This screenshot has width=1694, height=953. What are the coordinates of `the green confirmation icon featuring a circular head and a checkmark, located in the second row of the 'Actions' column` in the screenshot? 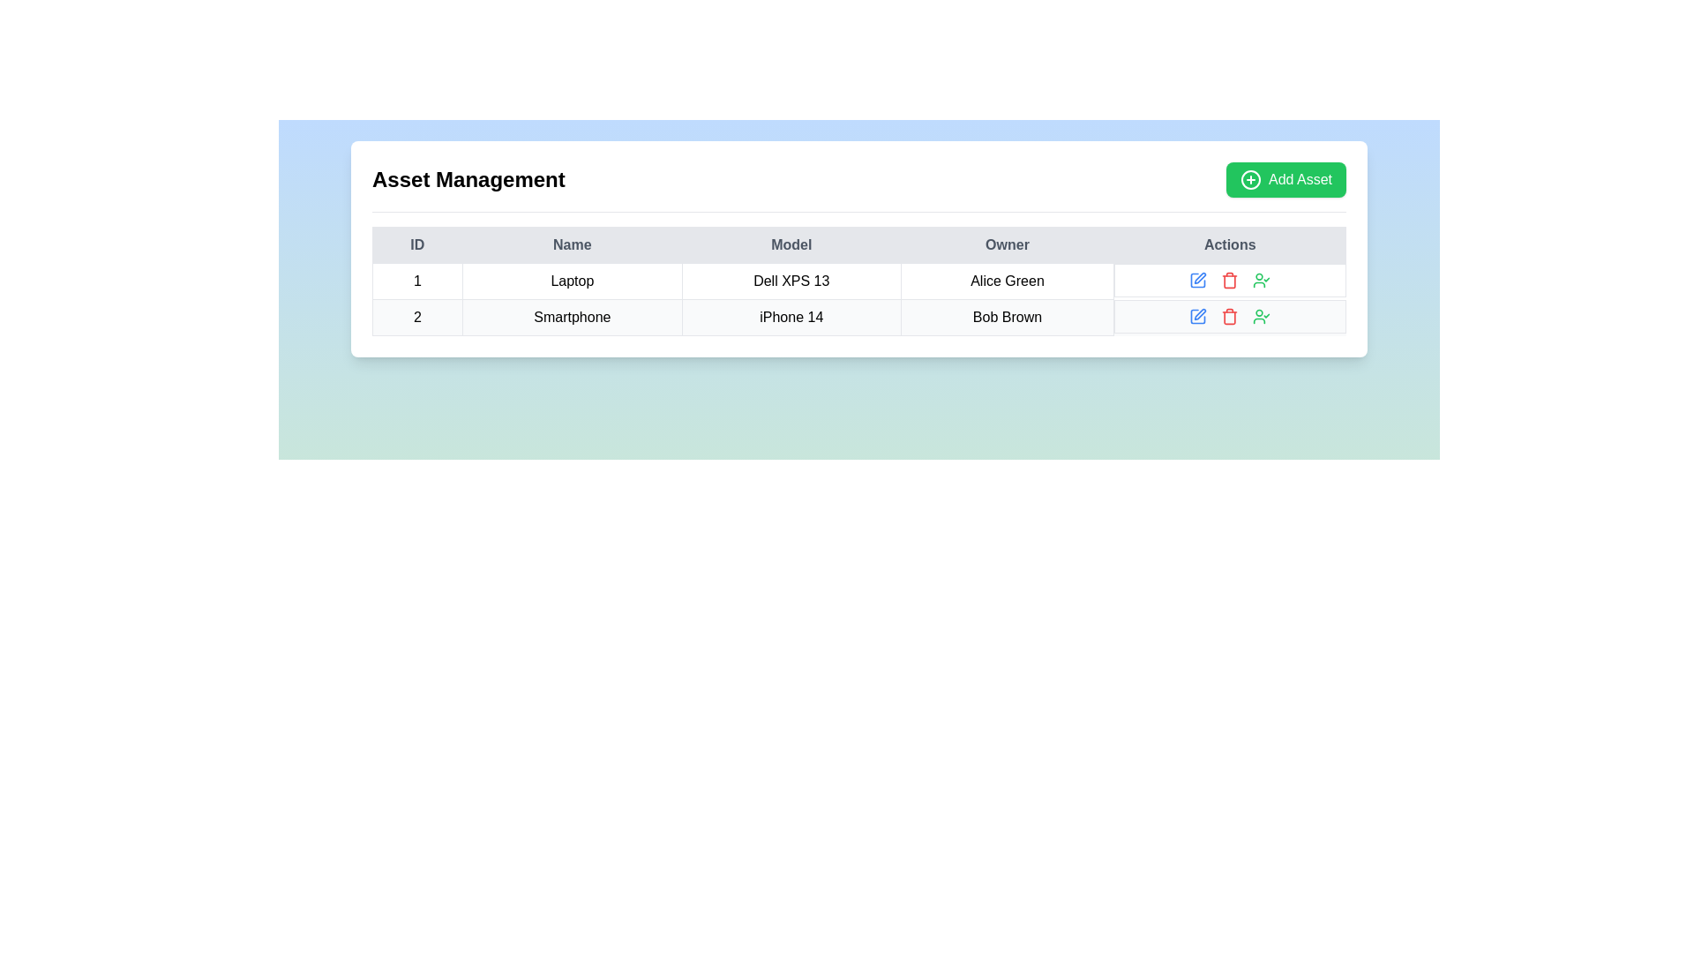 It's located at (1261, 315).